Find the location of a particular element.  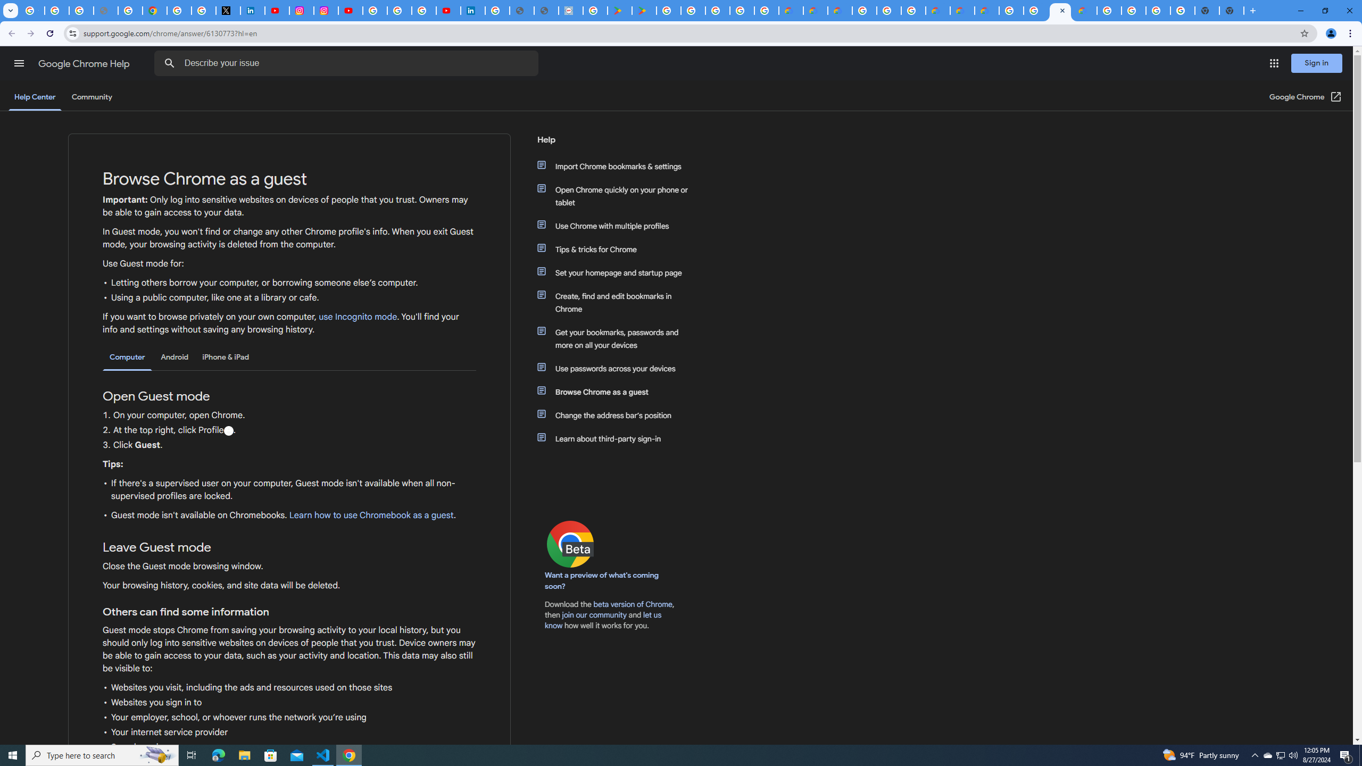

'Sign in - Google Accounts' is located at coordinates (178, 10).